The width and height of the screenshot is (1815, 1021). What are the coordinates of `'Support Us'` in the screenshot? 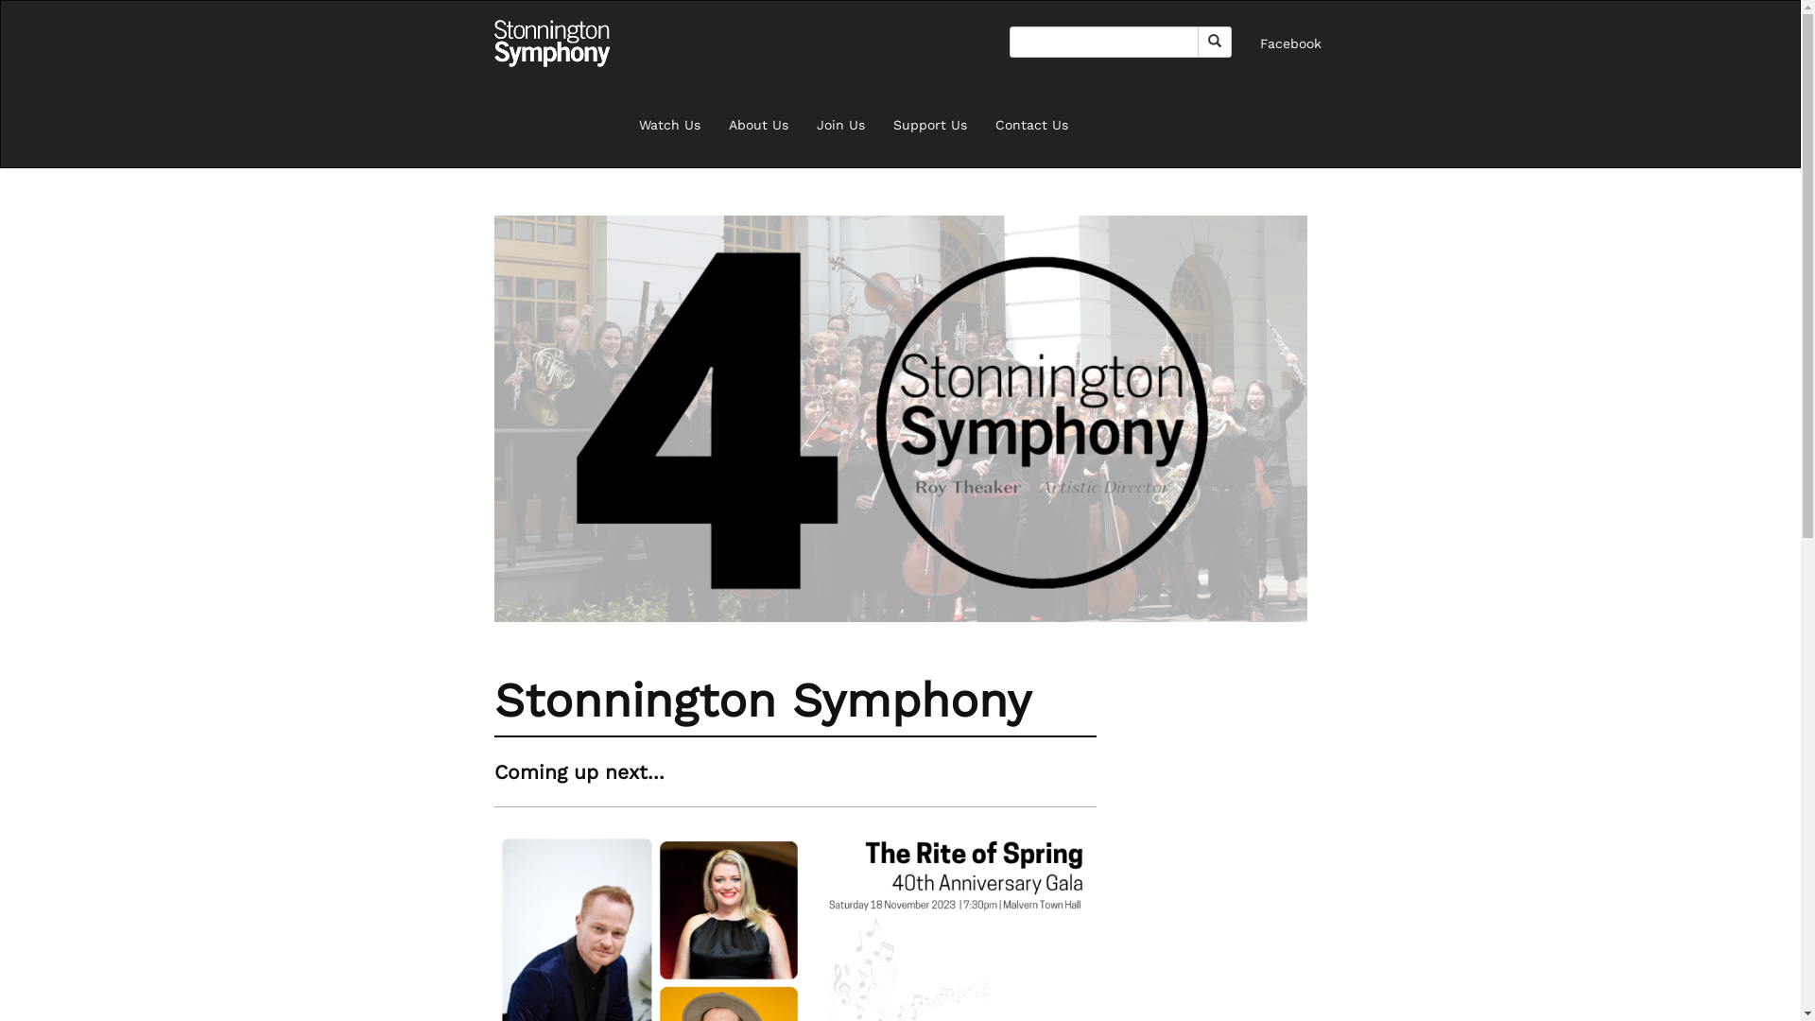 It's located at (929, 124).